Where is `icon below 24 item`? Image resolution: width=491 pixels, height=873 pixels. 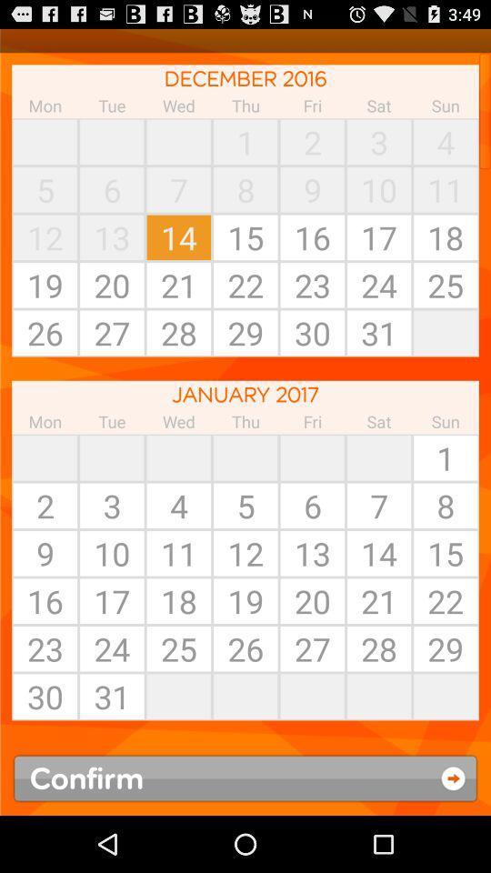
icon below 24 item is located at coordinates (178, 696).